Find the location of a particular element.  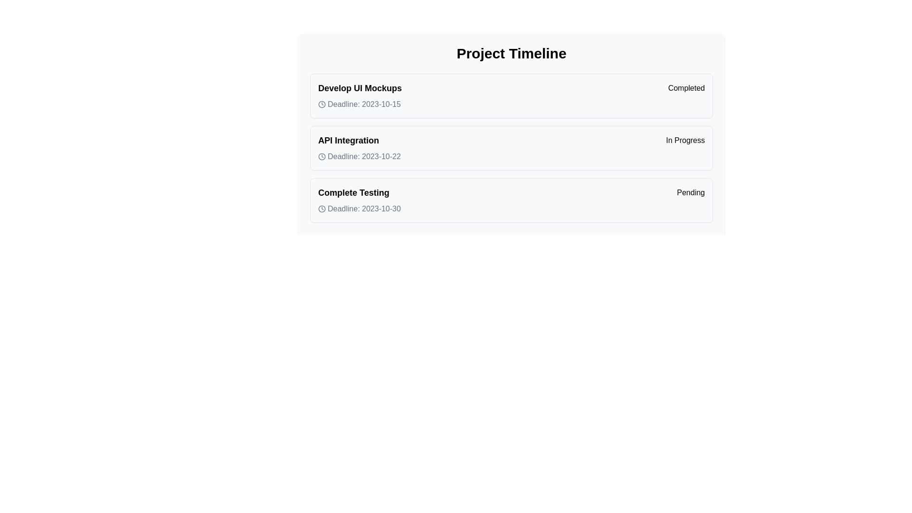

the deadline text label for the task 'Complete Testing' is located at coordinates (364, 208).